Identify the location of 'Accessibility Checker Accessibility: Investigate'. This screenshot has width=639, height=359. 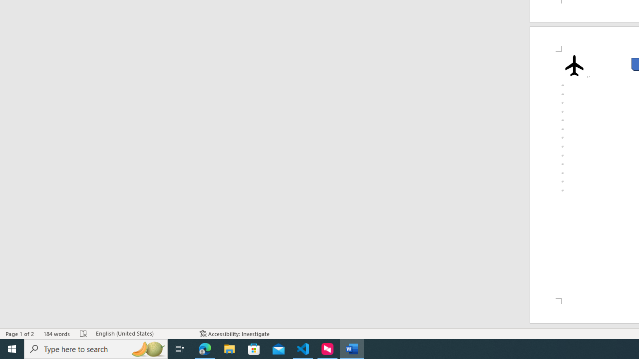
(234, 334).